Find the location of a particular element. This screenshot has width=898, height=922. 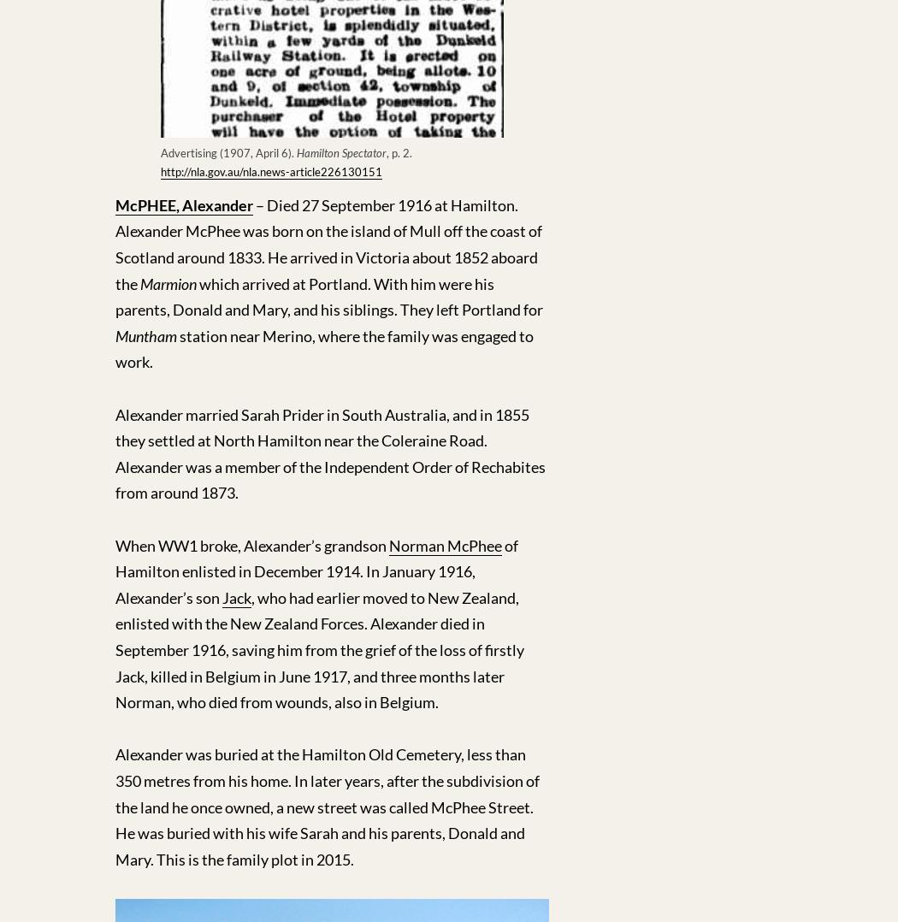

'Hamilton Spectator' is located at coordinates (341, 151).